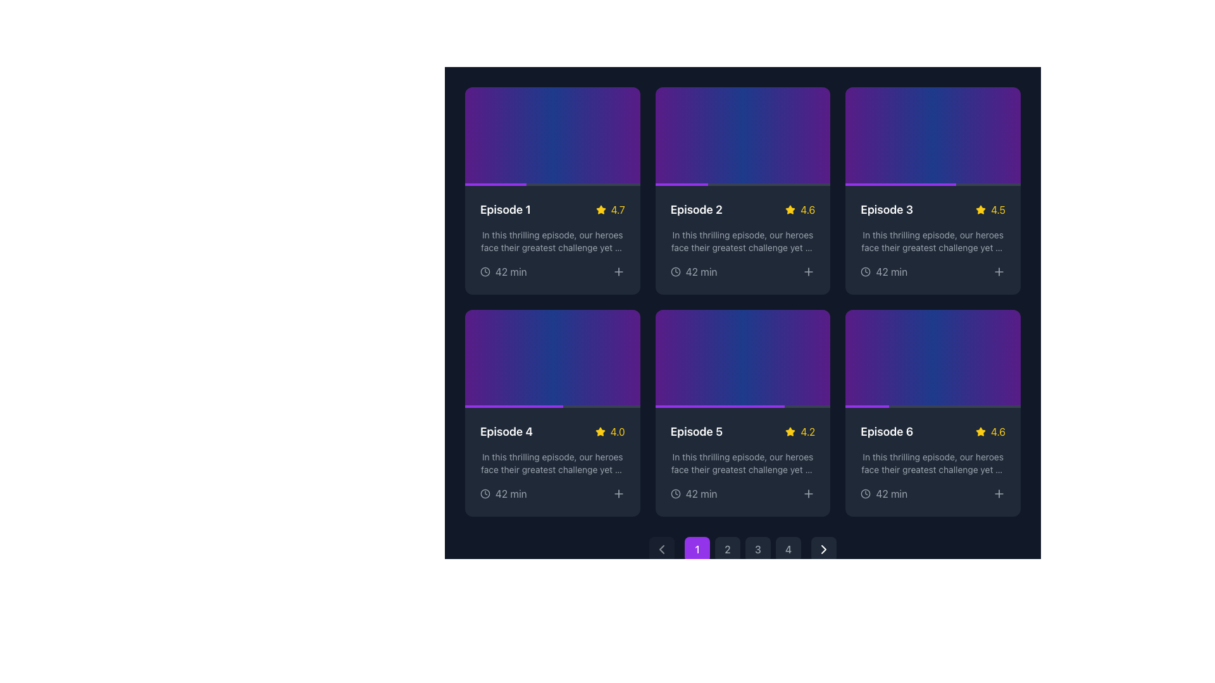 The width and height of the screenshot is (1215, 683). I want to click on the yellow star graphic icon, so click(980, 431).